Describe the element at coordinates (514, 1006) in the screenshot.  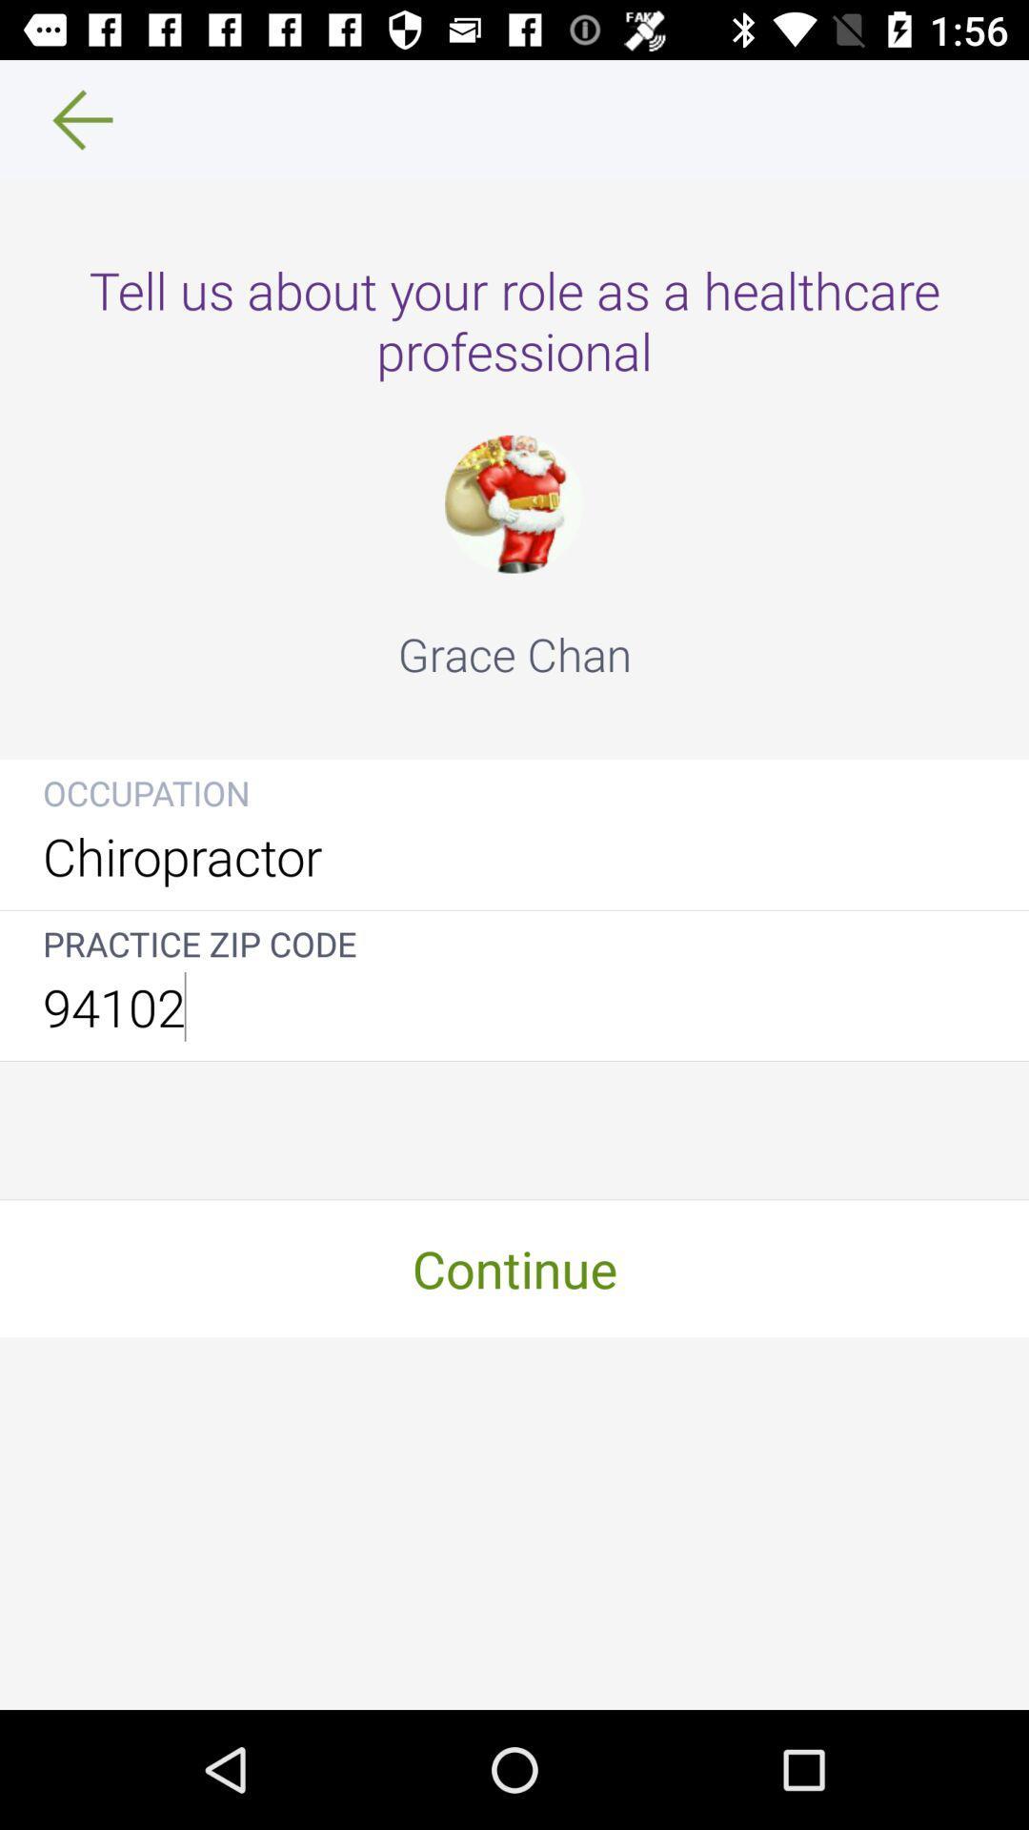
I see `the 94102 item` at that location.